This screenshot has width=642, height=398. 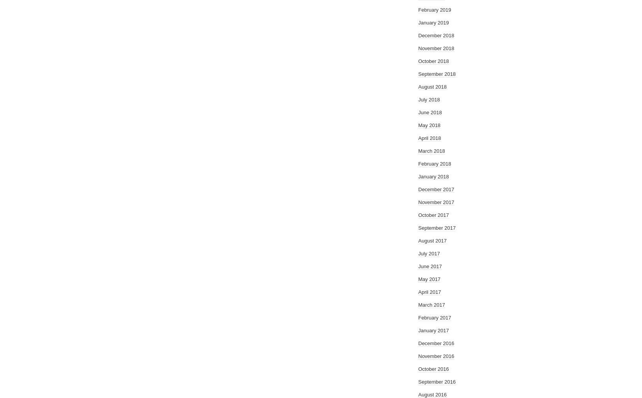 I want to click on 'September 2018', so click(x=437, y=74).